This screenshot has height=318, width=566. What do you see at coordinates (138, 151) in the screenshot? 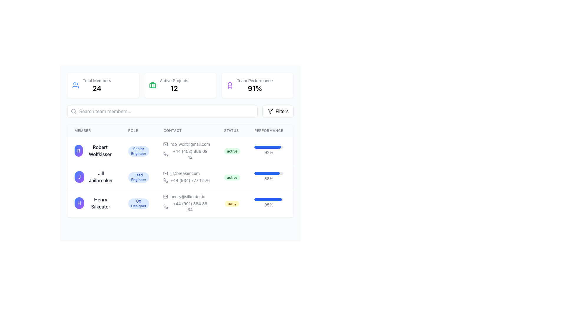
I see `the badge-style label displaying the text 'Senior Engineer' in the 'ROLE' column of the table, which is located to the right of 'Robert Wolfkisser'` at bounding box center [138, 151].